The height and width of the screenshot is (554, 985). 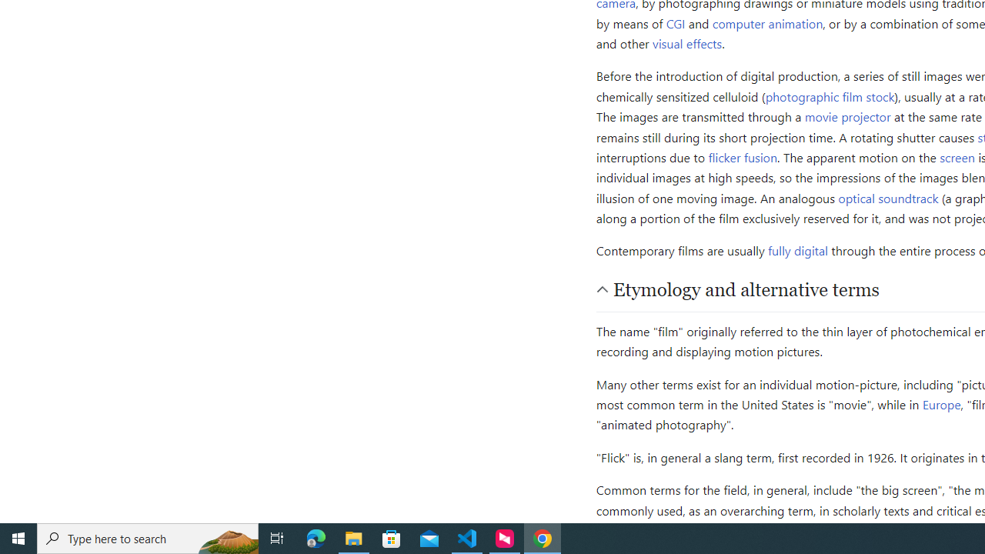 What do you see at coordinates (743, 157) in the screenshot?
I see `'flicker fusion'` at bounding box center [743, 157].